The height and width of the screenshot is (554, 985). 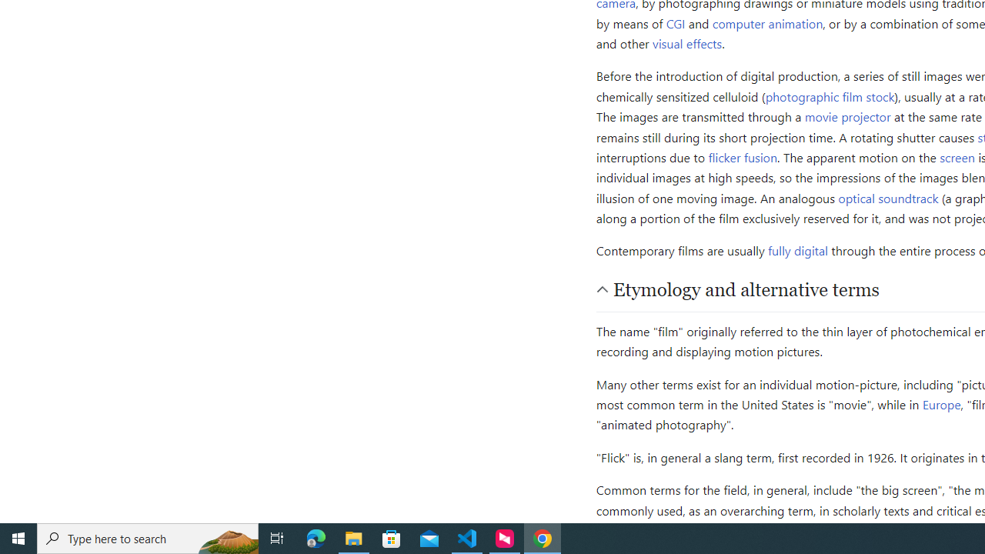 What do you see at coordinates (743, 157) in the screenshot?
I see `'flicker fusion'` at bounding box center [743, 157].